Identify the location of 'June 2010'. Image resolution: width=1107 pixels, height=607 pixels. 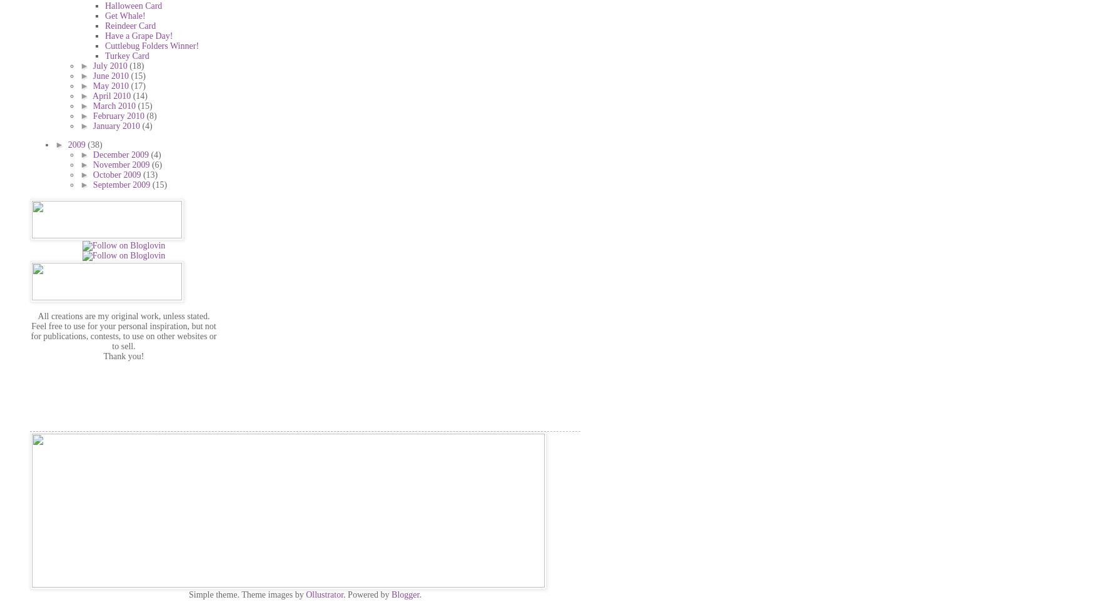
(111, 75).